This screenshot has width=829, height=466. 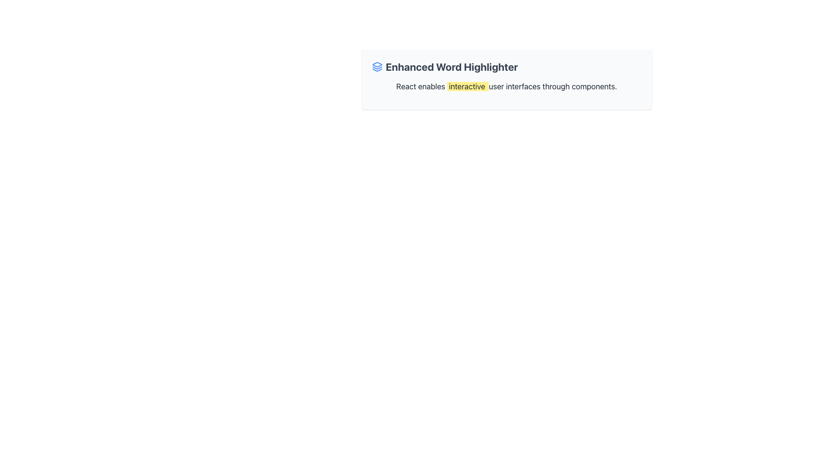 What do you see at coordinates (377, 64) in the screenshot?
I see `the blue triangular icon located to the left of the 'Enhanced Word Highlighter' text, which is the topmost segment of a three-layer stacked icon` at bounding box center [377, 64].